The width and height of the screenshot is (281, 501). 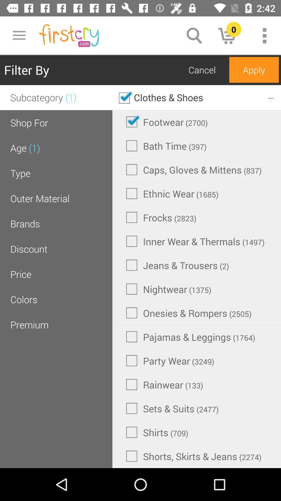 What do you see at coordinates (189, 313) in the screenshot?
I see `the icon to the right of the premium item` at bounding box center [189, 313].